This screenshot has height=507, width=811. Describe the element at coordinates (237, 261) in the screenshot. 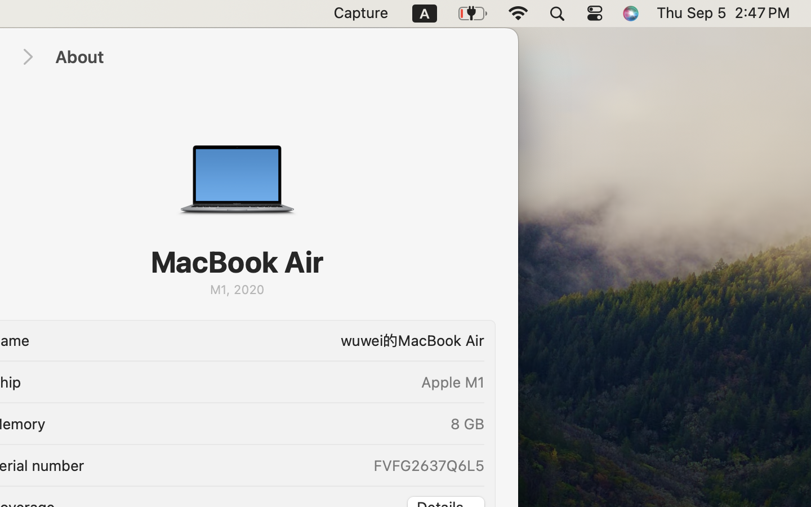

I see `'MacBook Air'` at that location.